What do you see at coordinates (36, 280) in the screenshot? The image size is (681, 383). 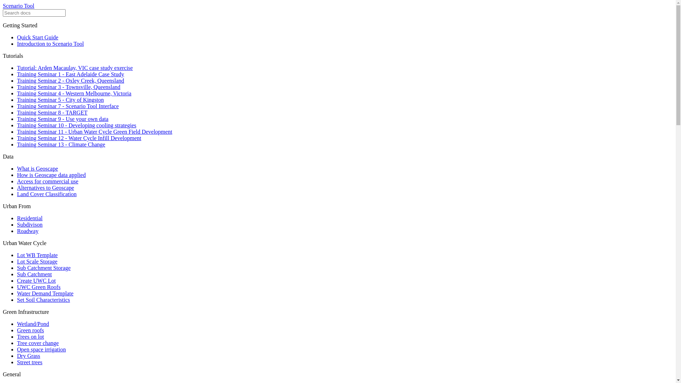 I see `'Create UWC Lot'` at bounding box center [36, 280].